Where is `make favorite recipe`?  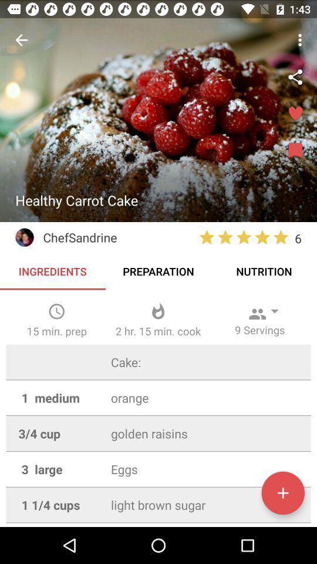 make favorite recipe is located at coordinates (295, 114).